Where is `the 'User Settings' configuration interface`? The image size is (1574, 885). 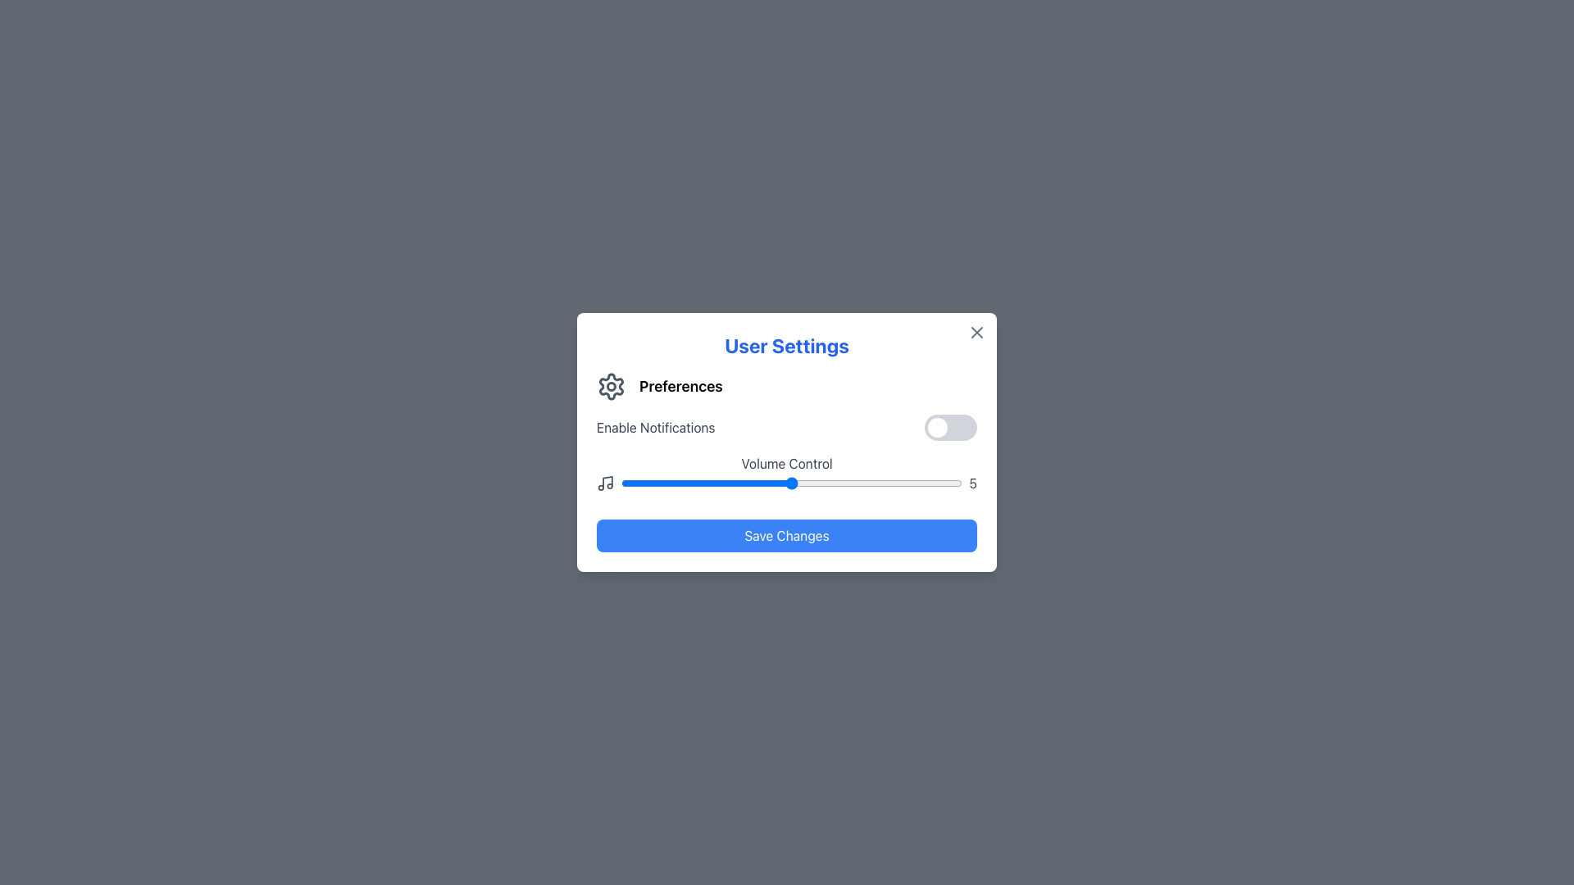
the 'User Settings' configuration interface is located at coordinates (787, 442).